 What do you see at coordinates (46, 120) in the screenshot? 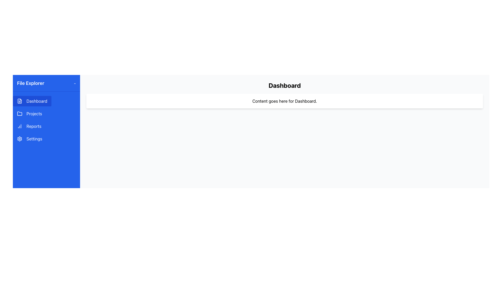
I see `the 'Reports' button in the blue sidebar menu` at bounding box center [46, 120].